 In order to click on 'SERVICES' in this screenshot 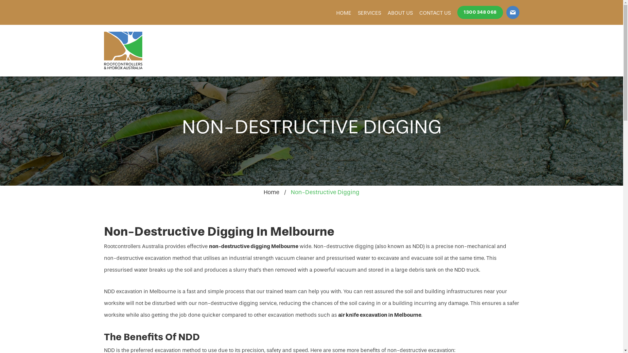, I will do `click(369, 12)`.